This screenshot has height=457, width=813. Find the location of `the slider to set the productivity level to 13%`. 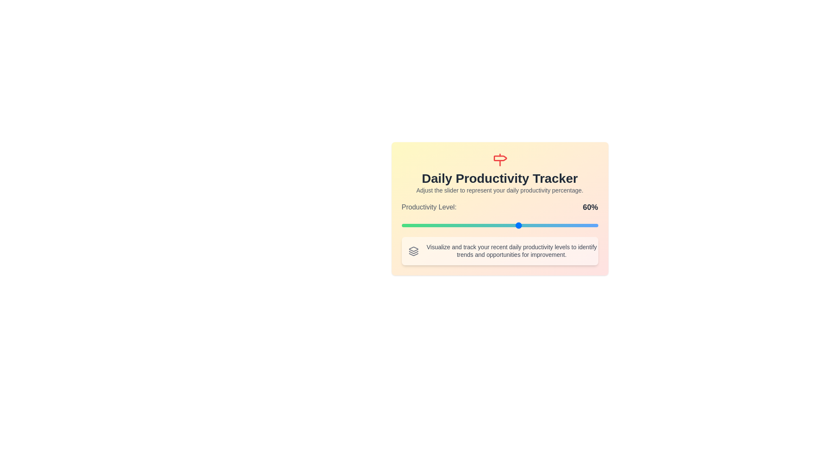

the slider to set the productivity level to 13% is located at coordinates (427, 225).